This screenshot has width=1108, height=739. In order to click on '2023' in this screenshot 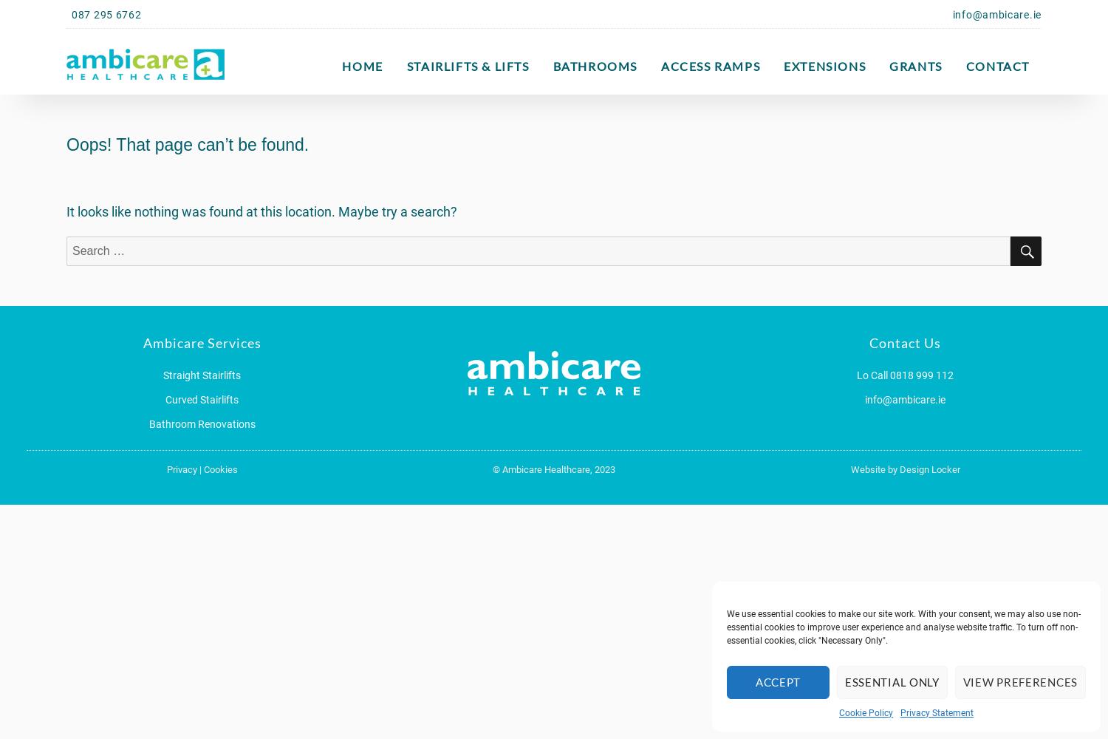, I will do `click(592, 469)`.